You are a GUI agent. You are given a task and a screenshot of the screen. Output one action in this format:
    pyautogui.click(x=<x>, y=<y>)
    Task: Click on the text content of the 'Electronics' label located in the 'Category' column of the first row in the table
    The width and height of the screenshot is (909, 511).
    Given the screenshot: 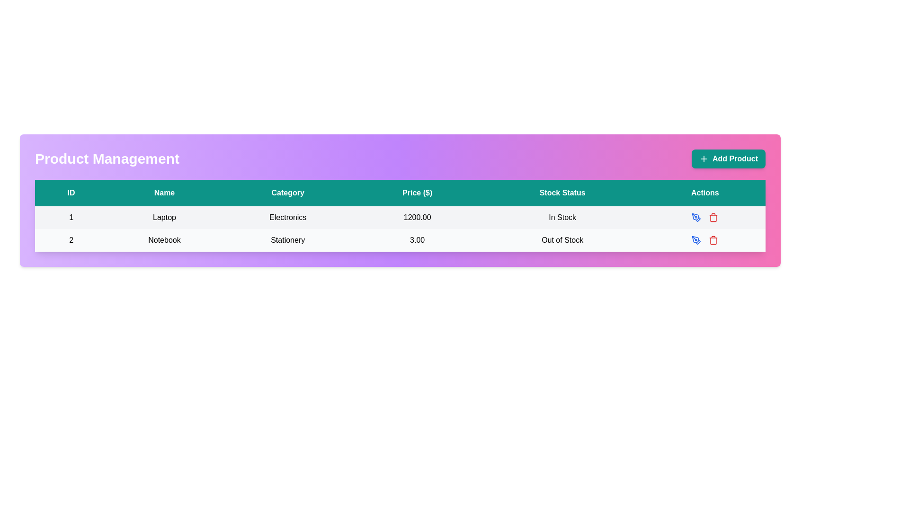 What is the action you would take?
    pyautogui.click(x=287, y=217)
    